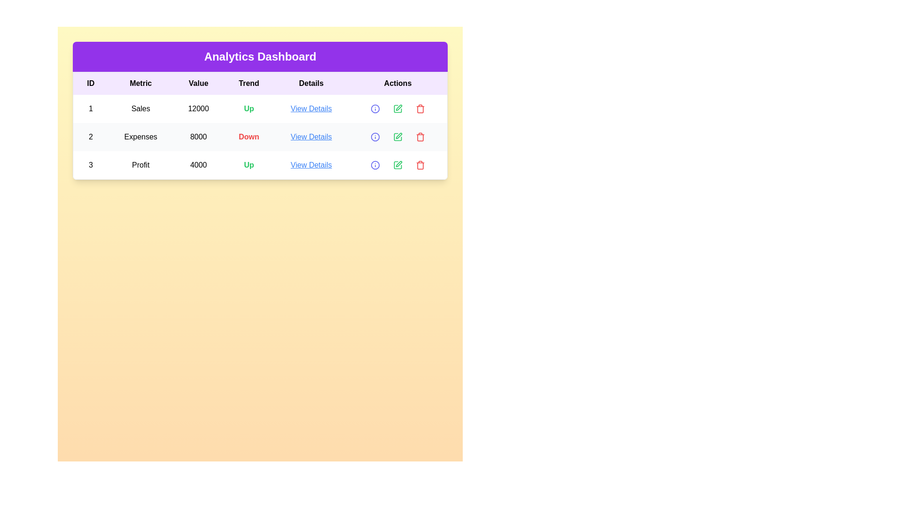  Describe the element at coordinates (260, 56) in the screenshot. I see `displayed header text 'Analytics Dashboard' which is styled in bold with a purple background and positioned at the top of the main content area` at that location.